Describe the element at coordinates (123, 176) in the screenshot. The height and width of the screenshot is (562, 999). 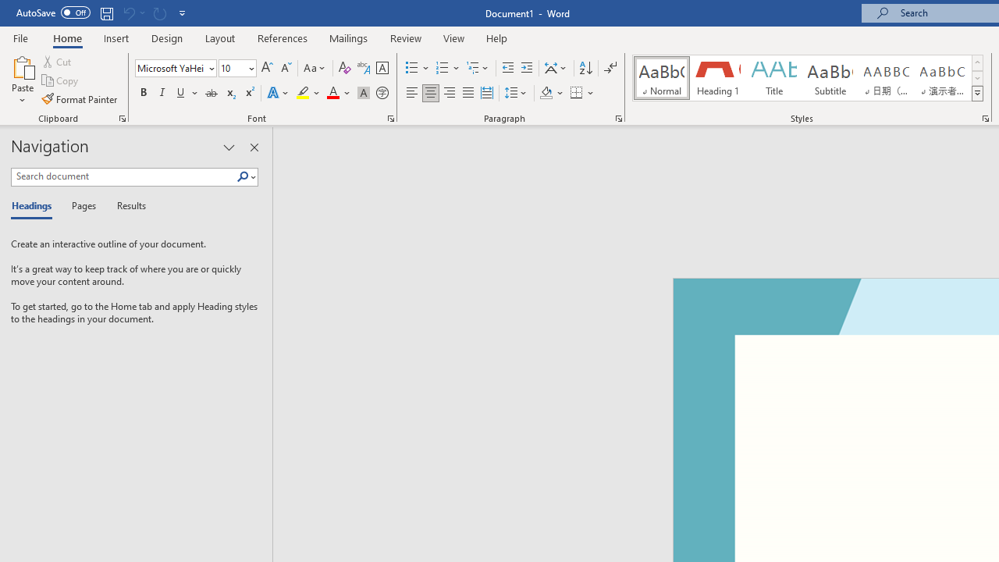
I see `'Search document'` at that location.